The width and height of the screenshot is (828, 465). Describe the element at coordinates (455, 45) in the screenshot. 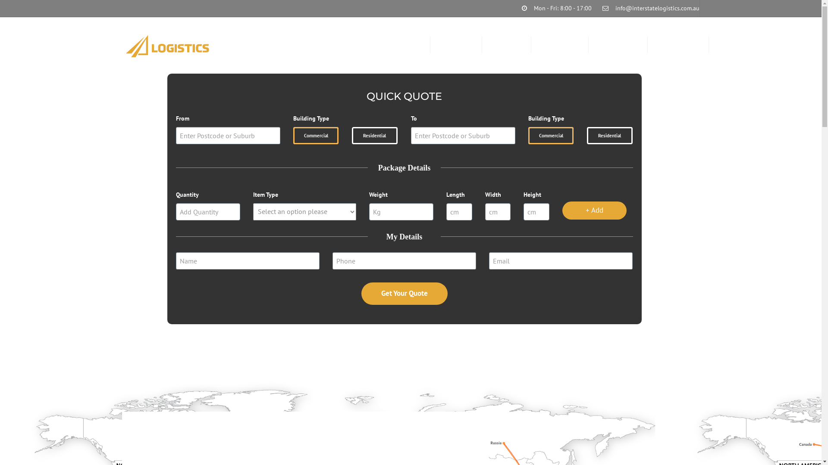

I see `'ABOUT US'` at that location.